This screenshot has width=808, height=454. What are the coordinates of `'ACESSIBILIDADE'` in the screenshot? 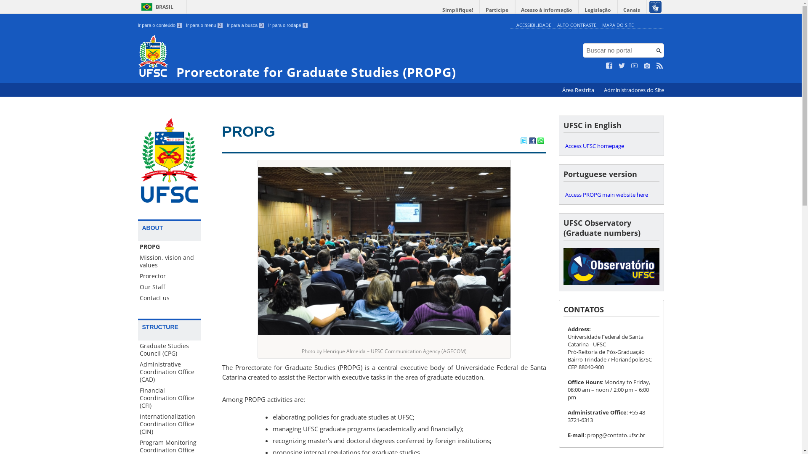 It's located at (533, 24).